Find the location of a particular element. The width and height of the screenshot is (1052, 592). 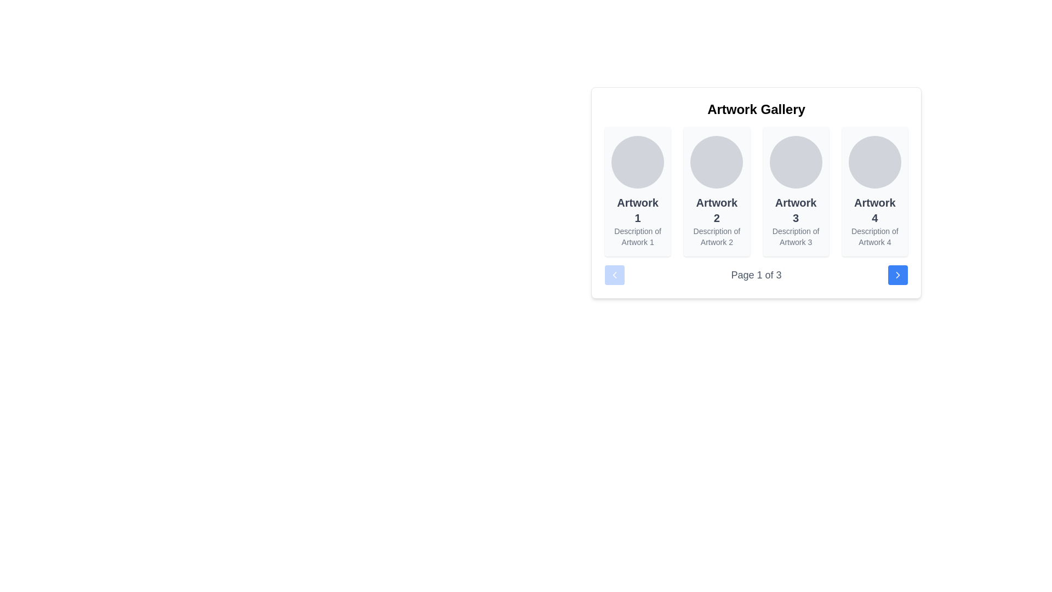

text label that reads 'Description of Artwork 2', which is centrally aligned and located below the 'Artwork 2' title in the third position of the card layout is located at coordinates (717, 236).